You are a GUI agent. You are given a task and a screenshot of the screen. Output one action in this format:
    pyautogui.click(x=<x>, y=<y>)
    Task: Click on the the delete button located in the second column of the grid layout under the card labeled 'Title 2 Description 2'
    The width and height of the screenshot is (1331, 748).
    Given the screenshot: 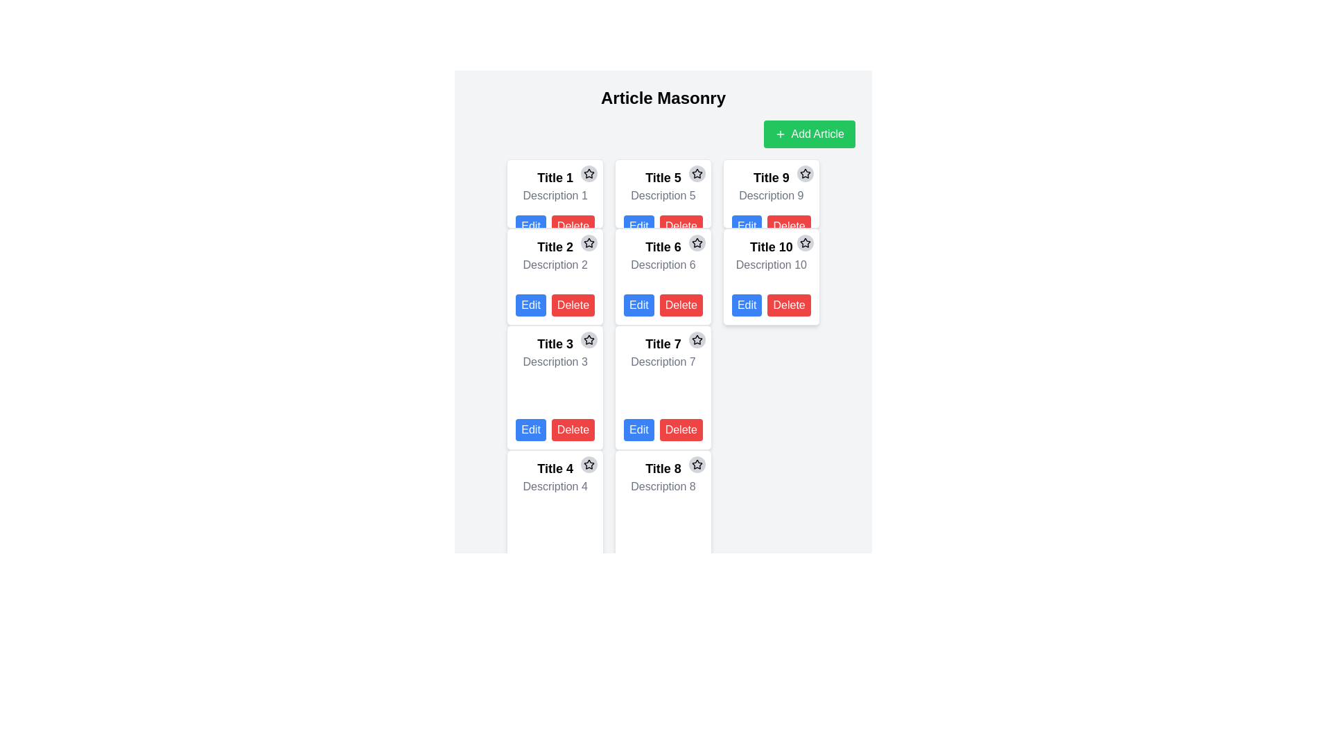 What is the action you would take?
    pyautogui.click(x=573, y=304)
    